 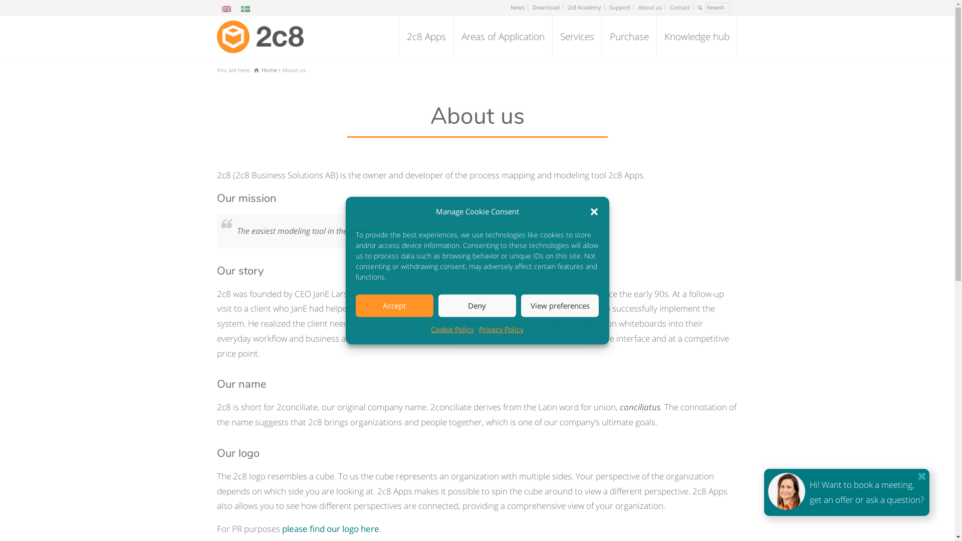 I want to click on 'About us', so click(x=650, y=7).